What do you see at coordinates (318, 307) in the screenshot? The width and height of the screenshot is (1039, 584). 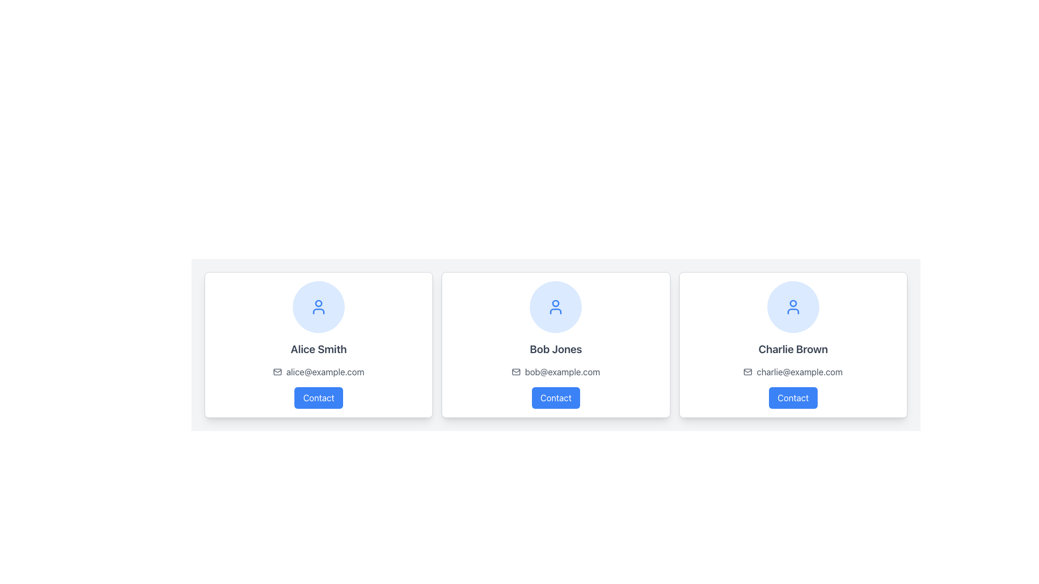 I see `the user profile icon representing 'Alice Smith' located at the top-center of the card` at bounding box center [318, 307].